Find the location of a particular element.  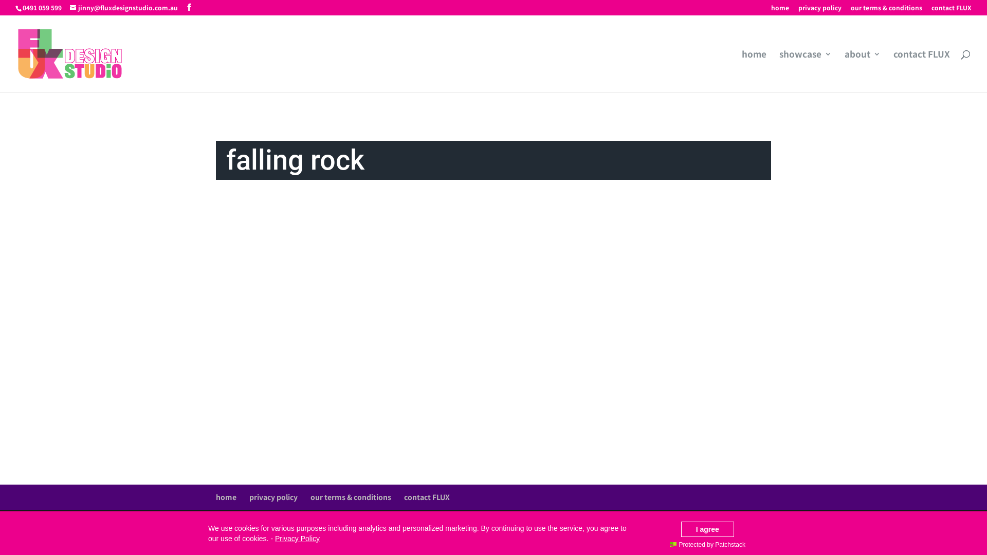

'home' is located at coordinates (754, 70).